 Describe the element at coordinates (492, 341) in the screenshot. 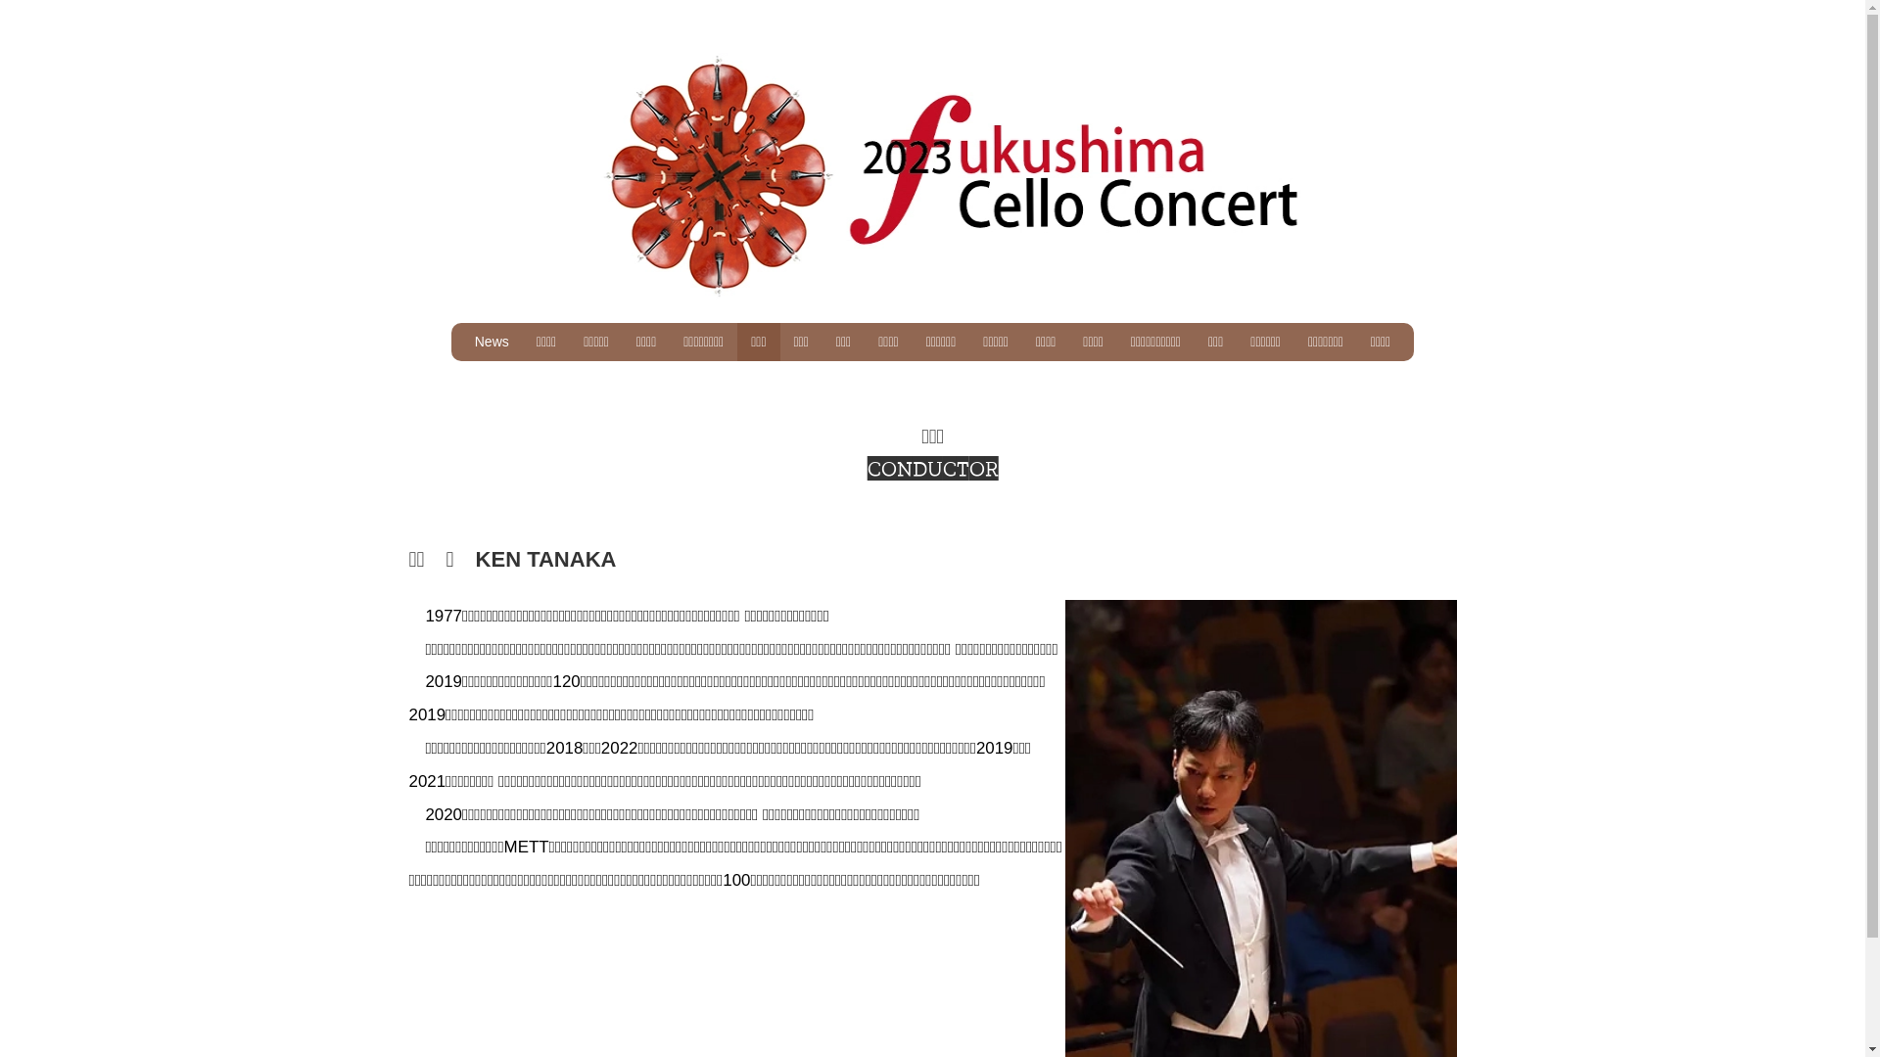

I see `'News'` at that location.